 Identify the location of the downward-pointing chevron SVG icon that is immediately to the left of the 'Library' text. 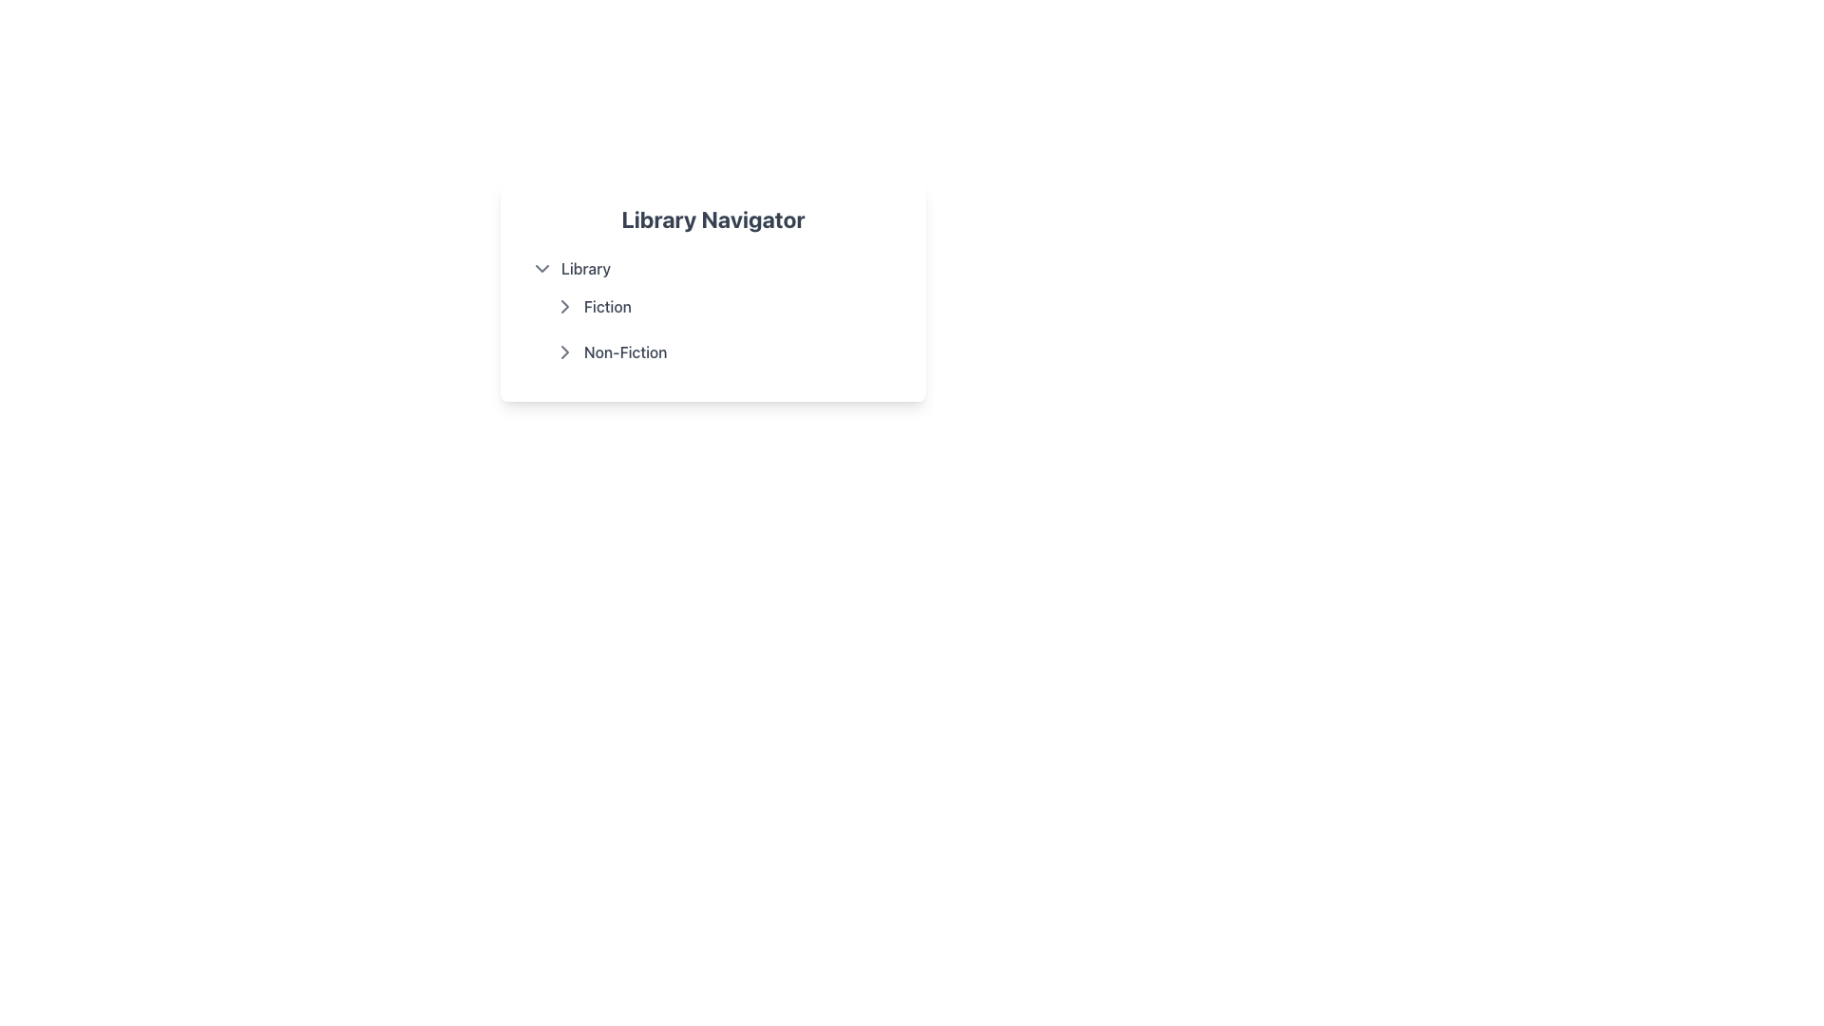
(541, 268).